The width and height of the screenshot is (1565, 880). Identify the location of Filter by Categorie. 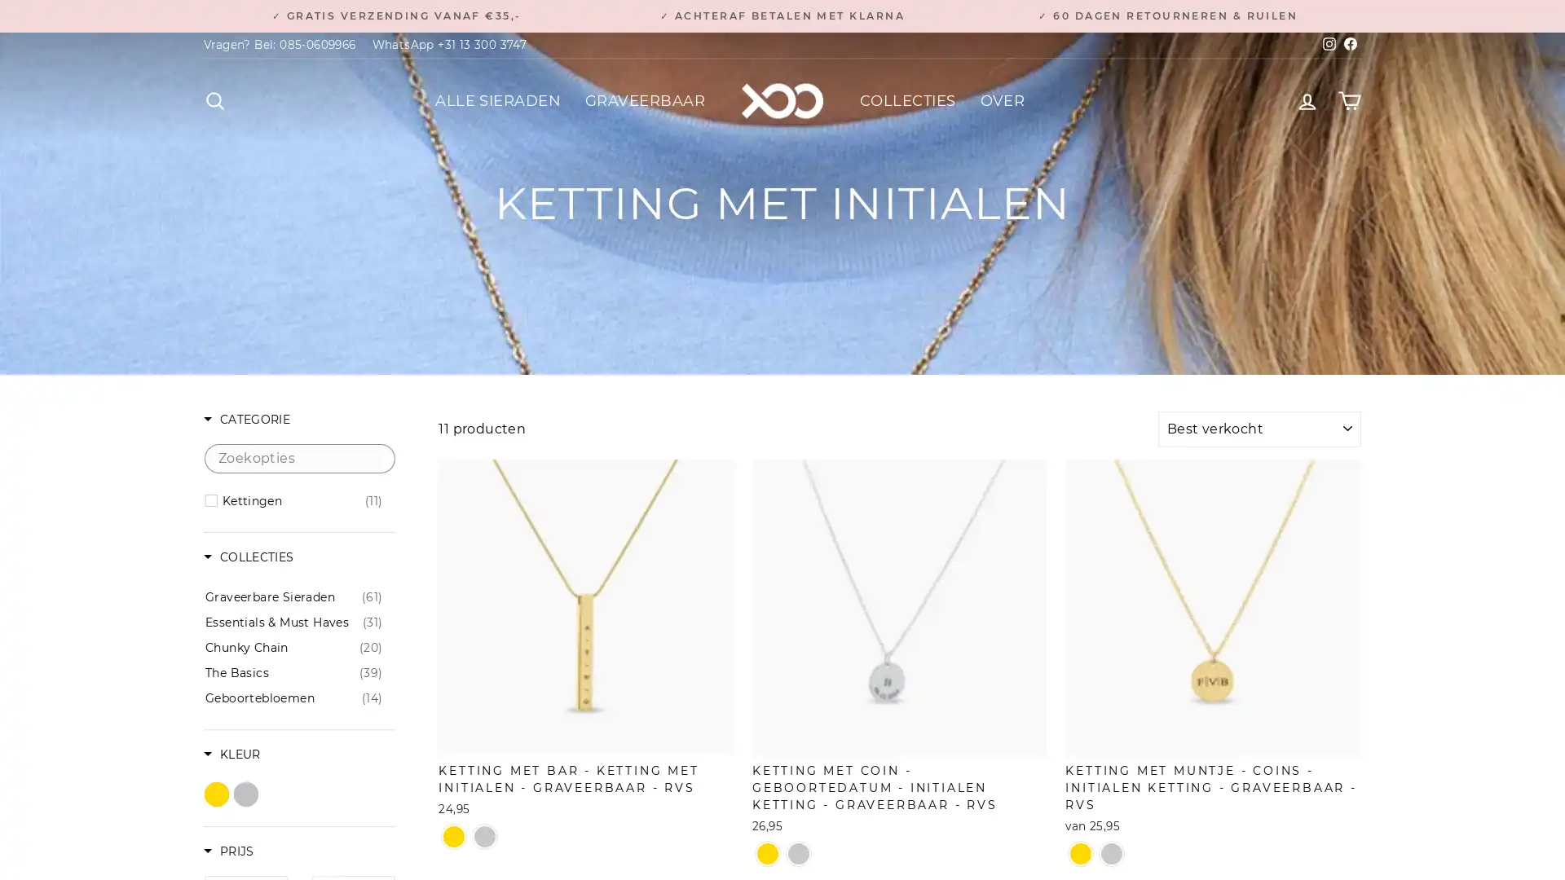
(245, 420).